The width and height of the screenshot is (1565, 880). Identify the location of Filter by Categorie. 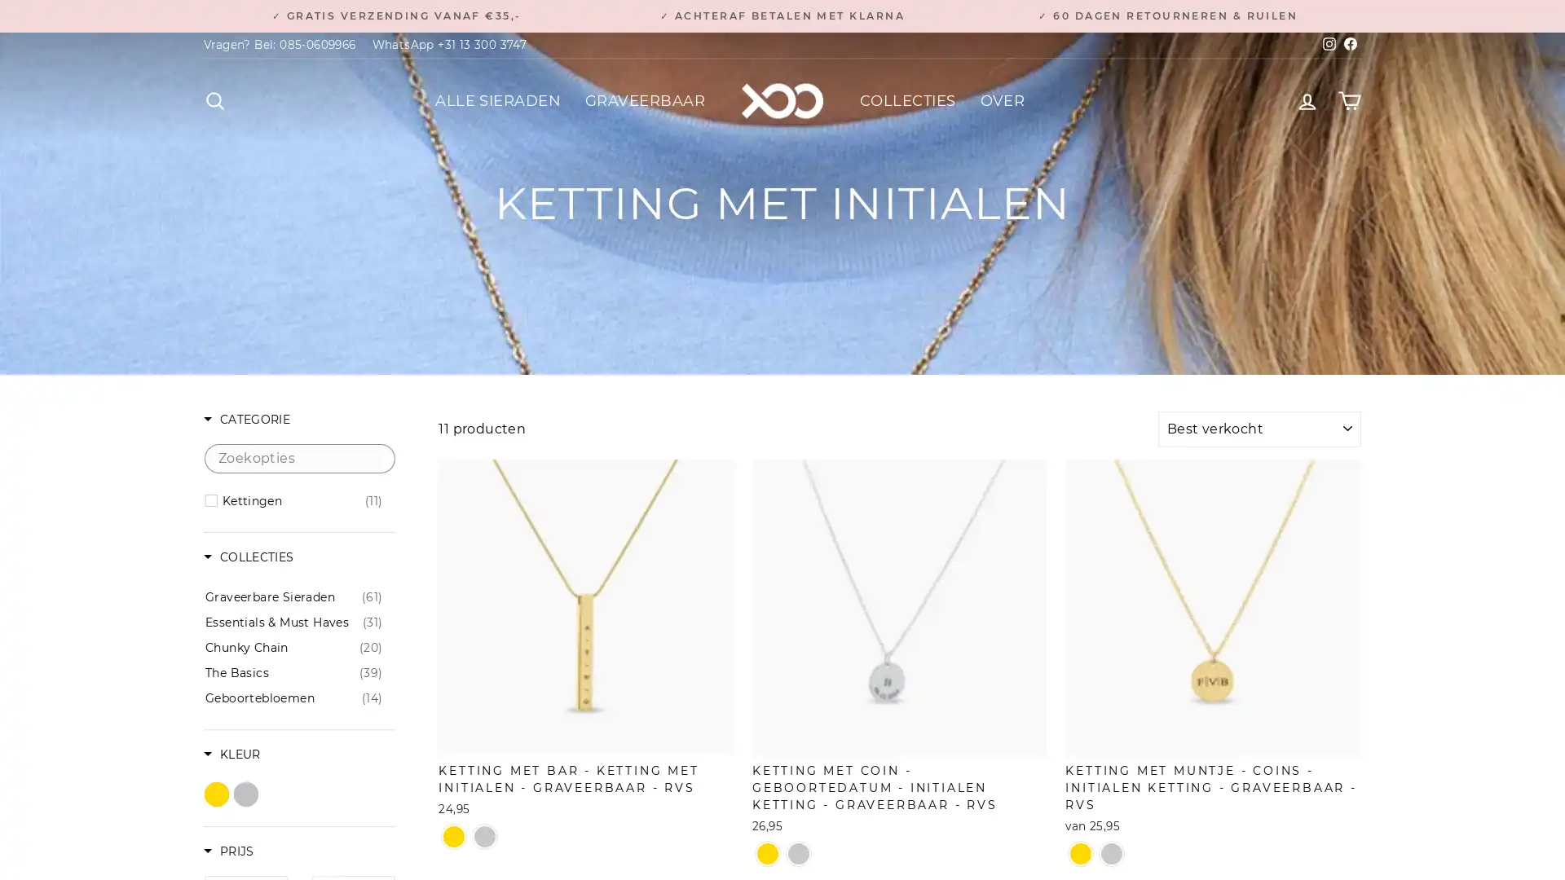
(245, 420).